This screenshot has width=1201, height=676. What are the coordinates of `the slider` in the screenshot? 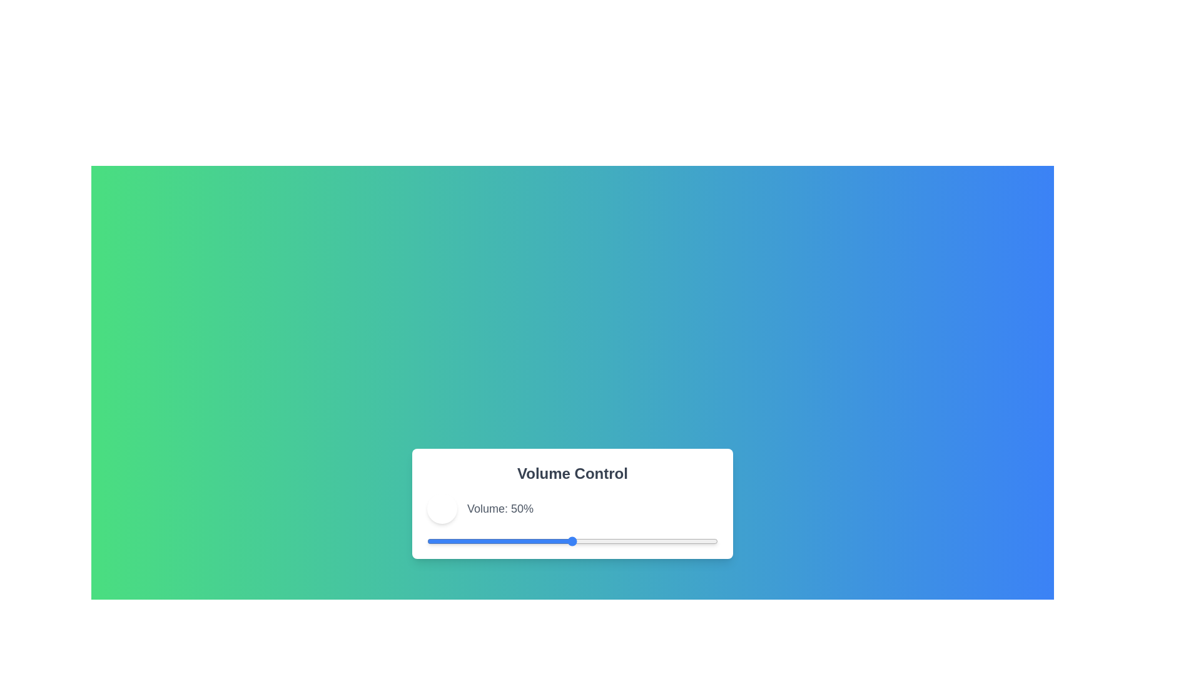 It's located at (502, 540).